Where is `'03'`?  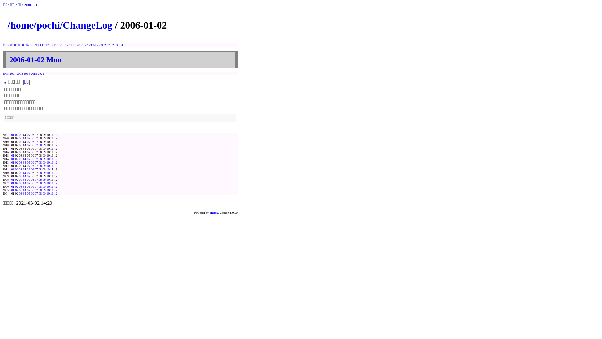 '03' is located at coordinates (20, 169).